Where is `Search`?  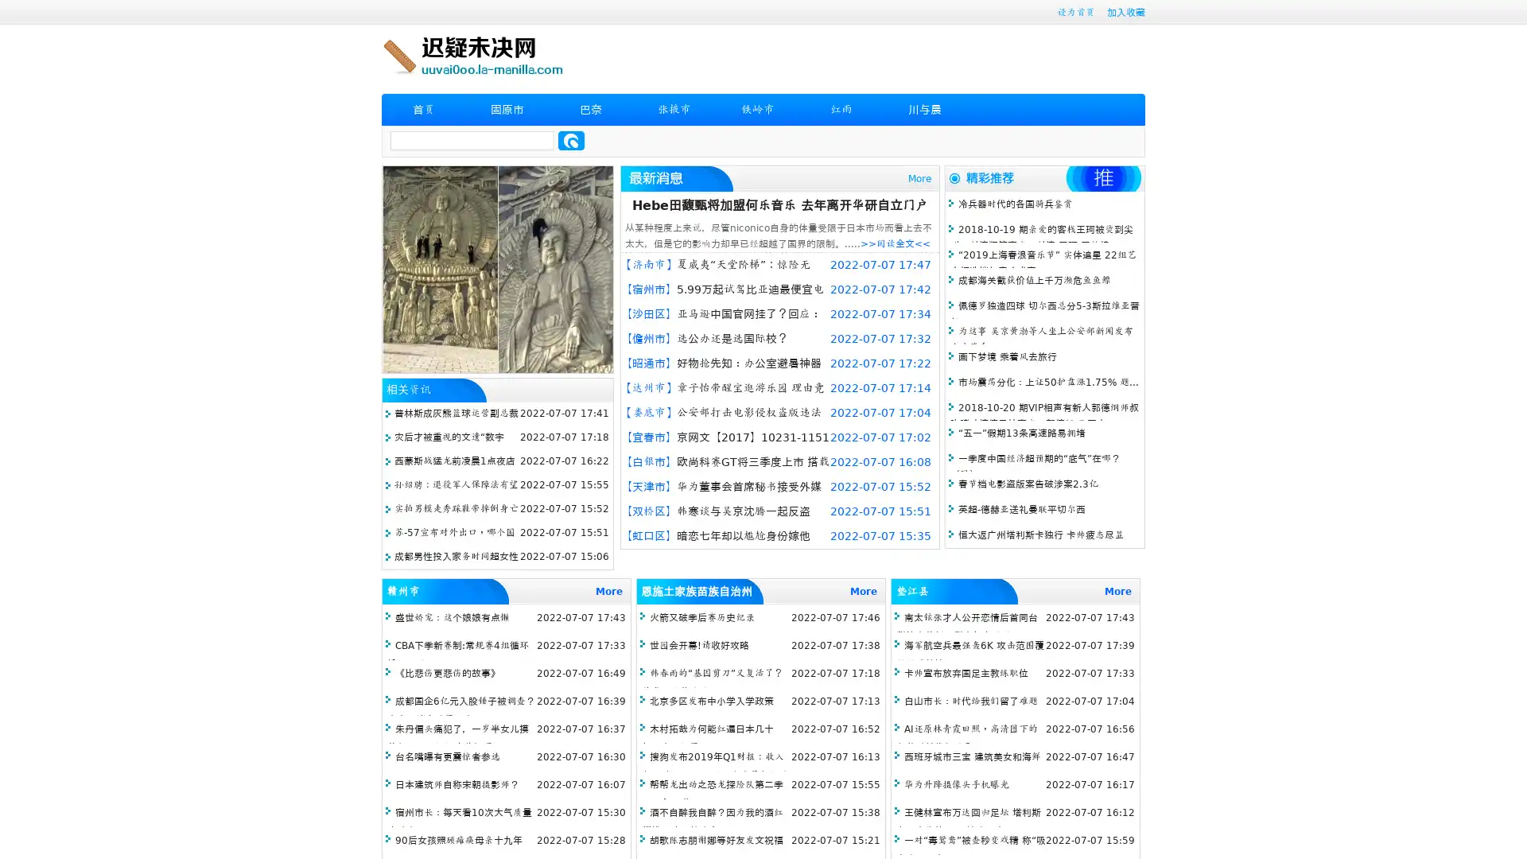
Search is located at coordinates (571, 140).